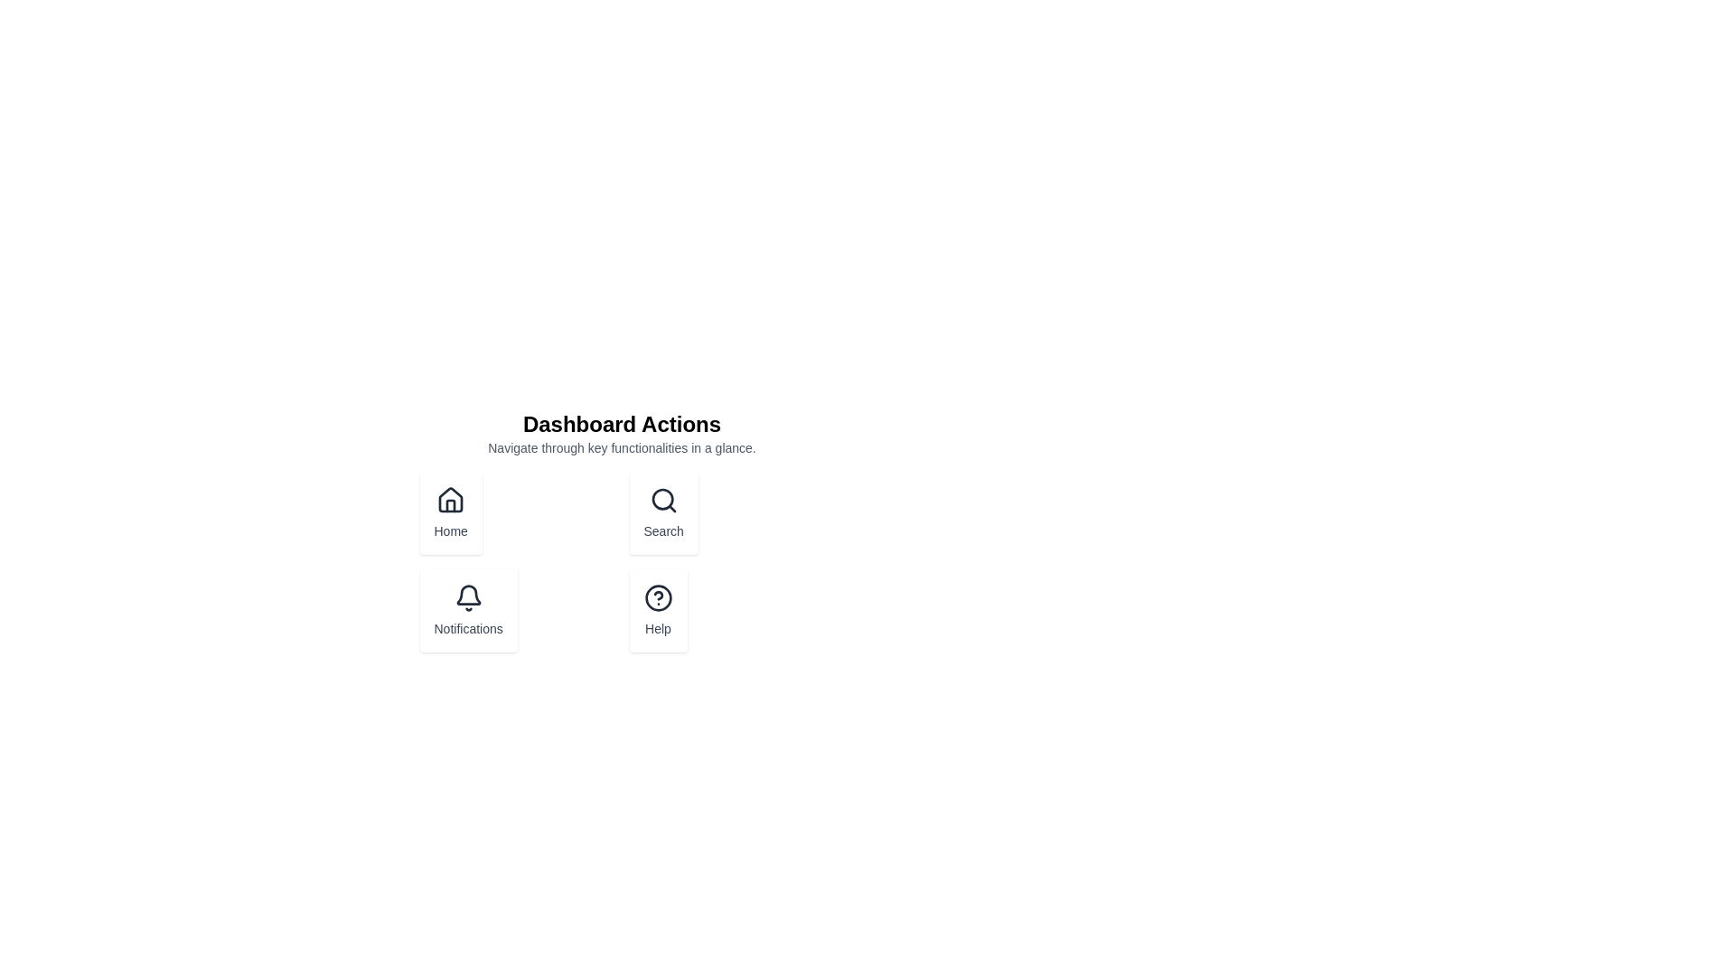 This screenshot has width=1735, height=976. What do you see at coordinates (657, 598) in the screenshot?
I see `the circular icon with a question mark in the center, located at the top of the 'Help' button in the bottom-right corner of the main interface region` at bounding box center [657, 598].